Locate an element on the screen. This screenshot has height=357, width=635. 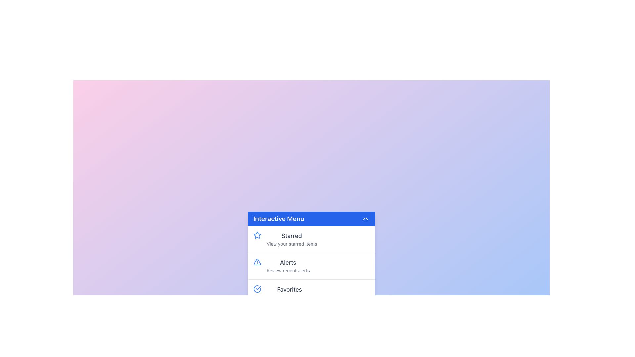
the bold text label 'Interactive Menu' located in the upper-left part of the blue bar at the top of the drop-down menu panel is located at coordinates (278, 219).